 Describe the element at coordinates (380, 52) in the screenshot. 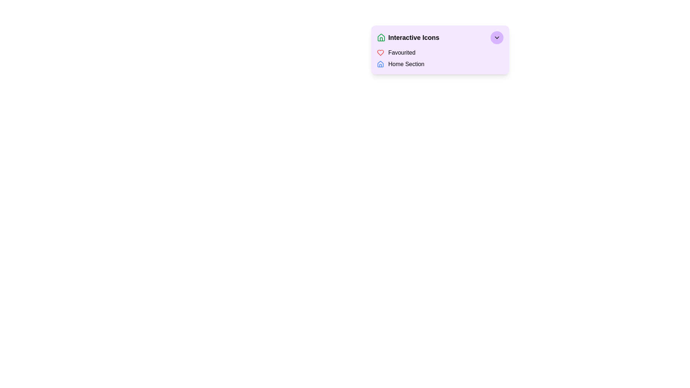

I see `the favorited icon located within the 'Interactive Icons' dropdown menu at the top-right, which indicates a liked status next to the 'Favourited' text` at that location.